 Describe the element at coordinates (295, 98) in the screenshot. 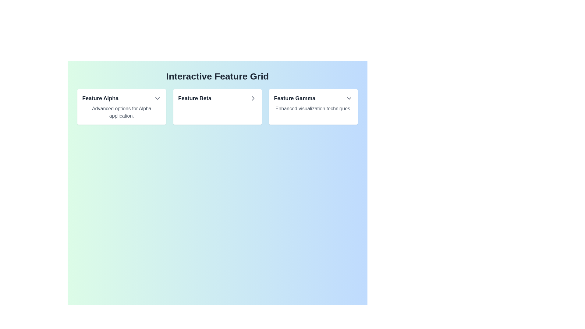

I see `the title text of the third feature card, which provides context and summary for the options within` at that location.